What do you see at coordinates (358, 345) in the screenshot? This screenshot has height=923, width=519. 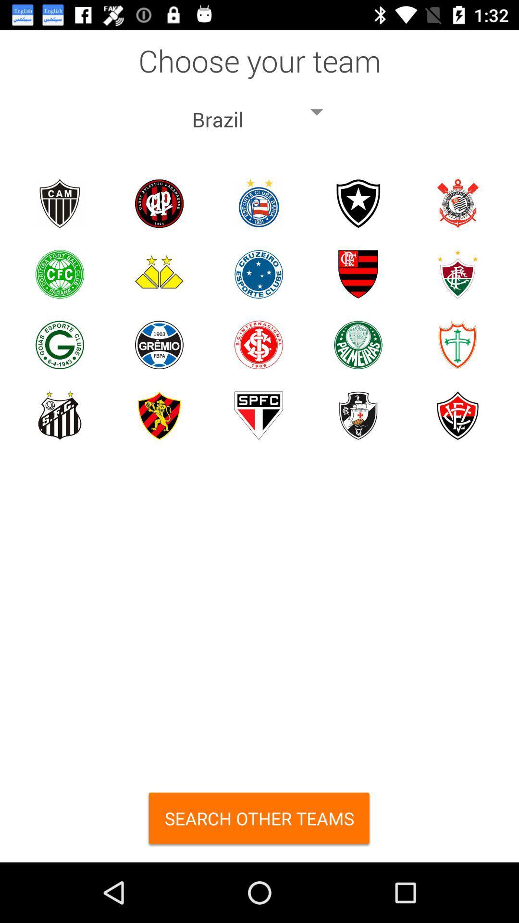 I see `pick palmeiras team` at bounding box center [358, 345].